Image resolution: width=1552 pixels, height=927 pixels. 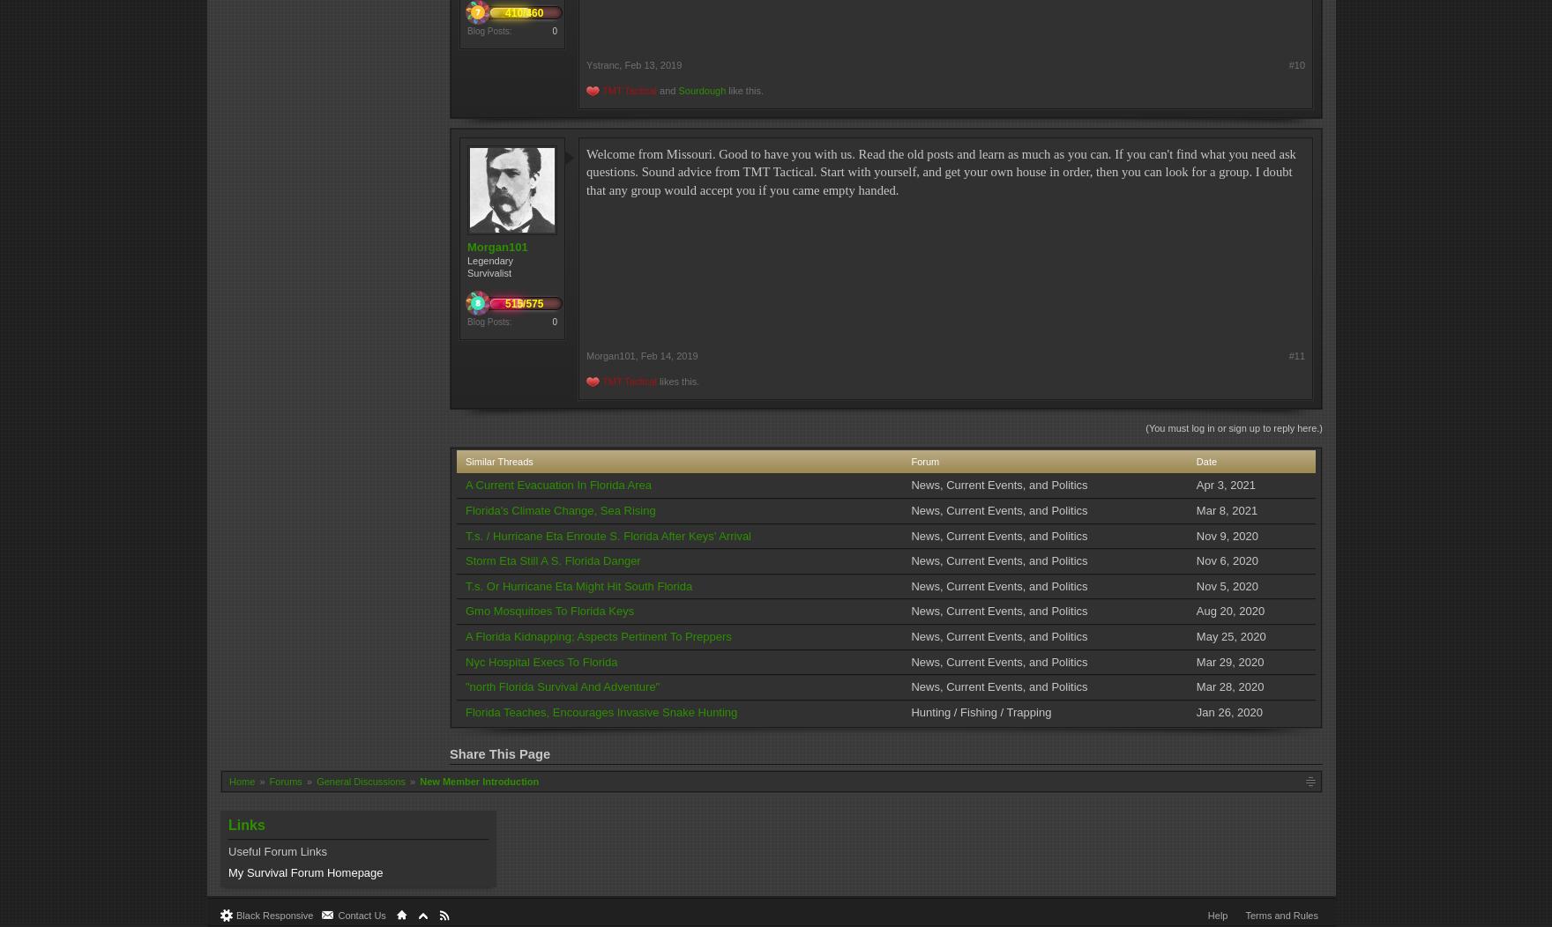 What do you see at coordinates (560, 508) in the screenshot?
I see `'Florida's Climate Change, Sea Rising'` at bounding box center [560, 508].